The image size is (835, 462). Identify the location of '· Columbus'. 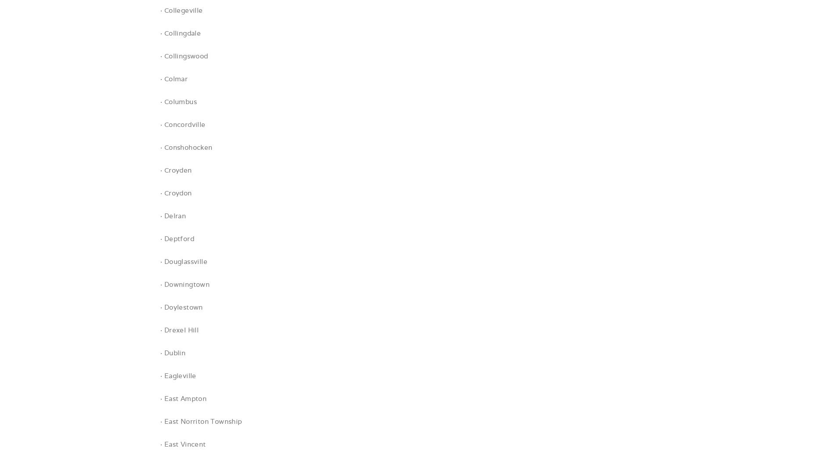
(178, 101).